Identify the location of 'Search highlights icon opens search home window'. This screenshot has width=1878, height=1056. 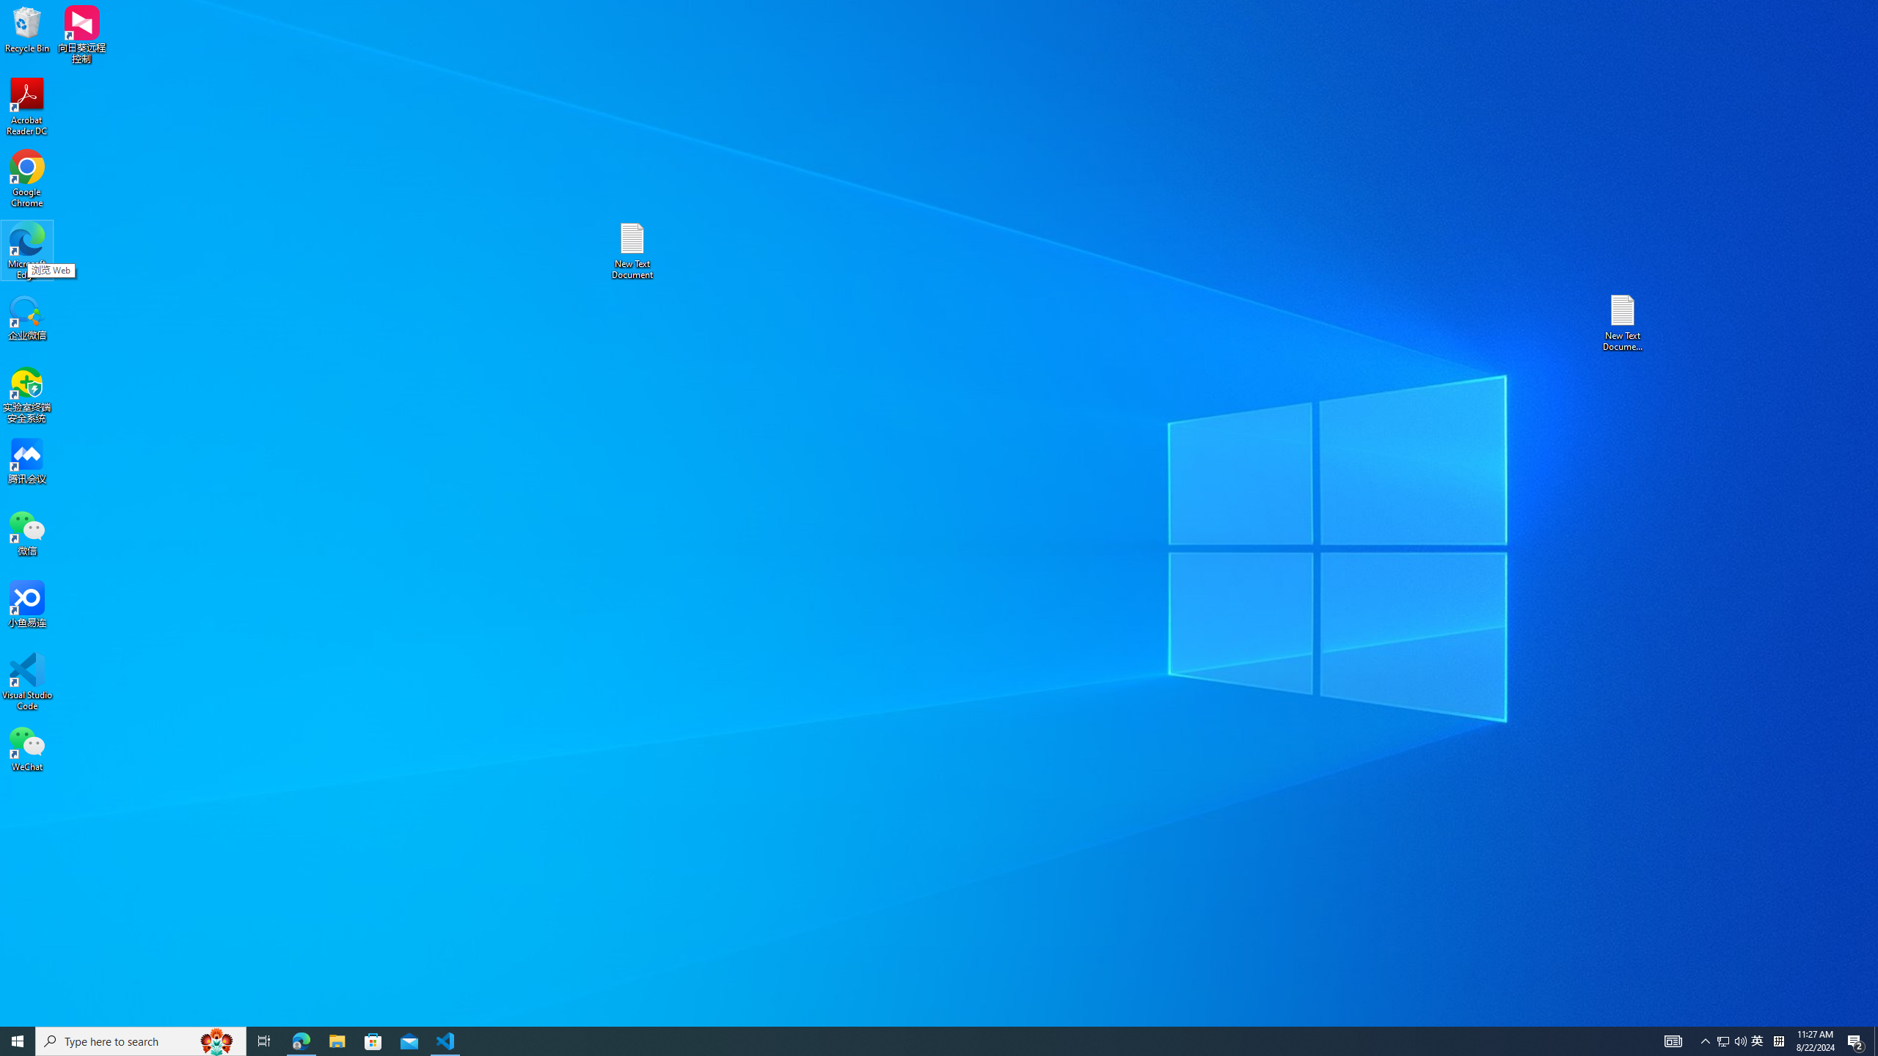
(216, 1040).